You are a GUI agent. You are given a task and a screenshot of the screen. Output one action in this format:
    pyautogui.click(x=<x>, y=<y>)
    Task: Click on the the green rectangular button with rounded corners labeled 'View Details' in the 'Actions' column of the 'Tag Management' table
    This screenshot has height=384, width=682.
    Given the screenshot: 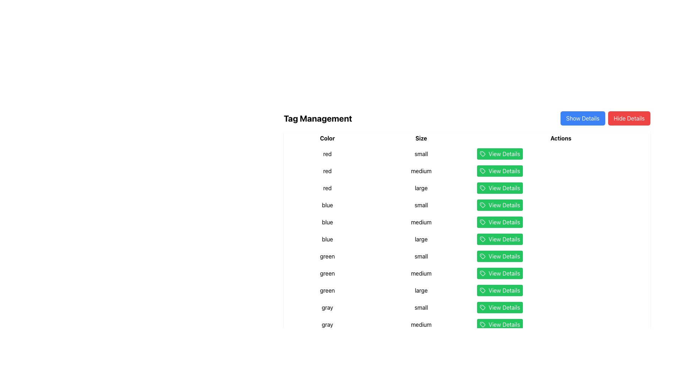 What is the action you would take?
    pyautogui.click(x=499, y=171)
    